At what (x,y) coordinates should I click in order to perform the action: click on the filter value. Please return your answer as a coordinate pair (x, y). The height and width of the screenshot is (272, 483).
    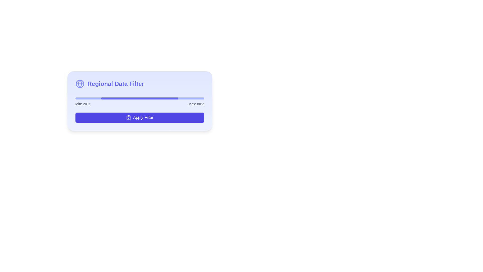
    Looking at the image, I should click on (112, 98).